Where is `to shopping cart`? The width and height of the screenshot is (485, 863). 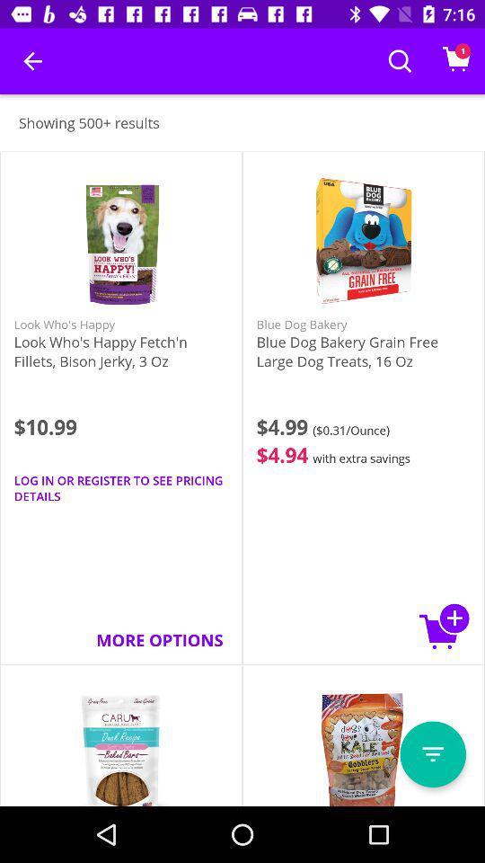 to shopping cart is located at coordinates (444, 626).